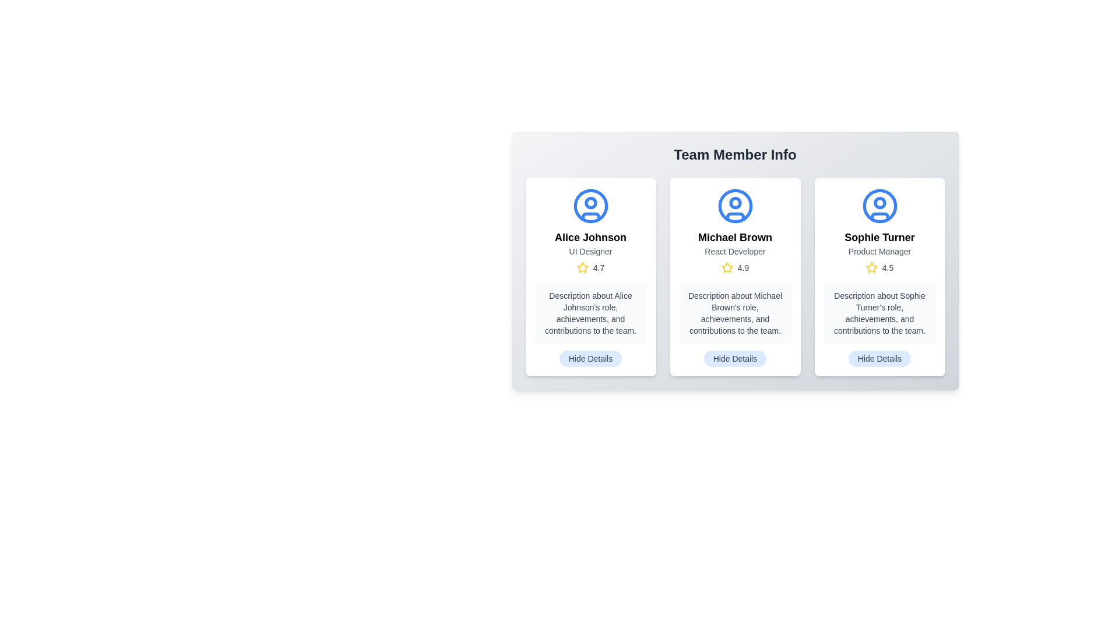 The width and height of the screenshot is (1119, 629). I want to click on the circular SVG element representing a user icon, which is located at the center of the card labeled 'Michael Brown' in the 'Team Member Info' section, so click(734, 206).